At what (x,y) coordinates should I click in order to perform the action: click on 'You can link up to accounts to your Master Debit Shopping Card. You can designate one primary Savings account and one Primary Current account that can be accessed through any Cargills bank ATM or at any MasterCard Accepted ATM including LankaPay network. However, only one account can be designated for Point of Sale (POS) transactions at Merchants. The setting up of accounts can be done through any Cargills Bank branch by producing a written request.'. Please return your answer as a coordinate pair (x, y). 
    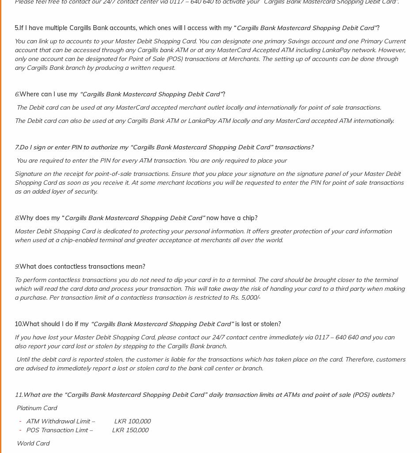
    Looking at the image, I should click on (210, 54).